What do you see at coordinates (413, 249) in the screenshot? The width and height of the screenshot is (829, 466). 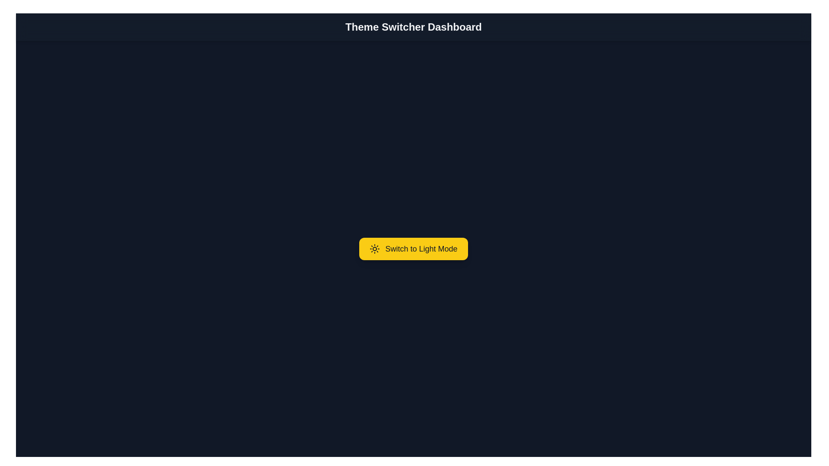 I see `the 'Switch to Light Mode' button to toggle the theme` at bounding box center [413, 249].